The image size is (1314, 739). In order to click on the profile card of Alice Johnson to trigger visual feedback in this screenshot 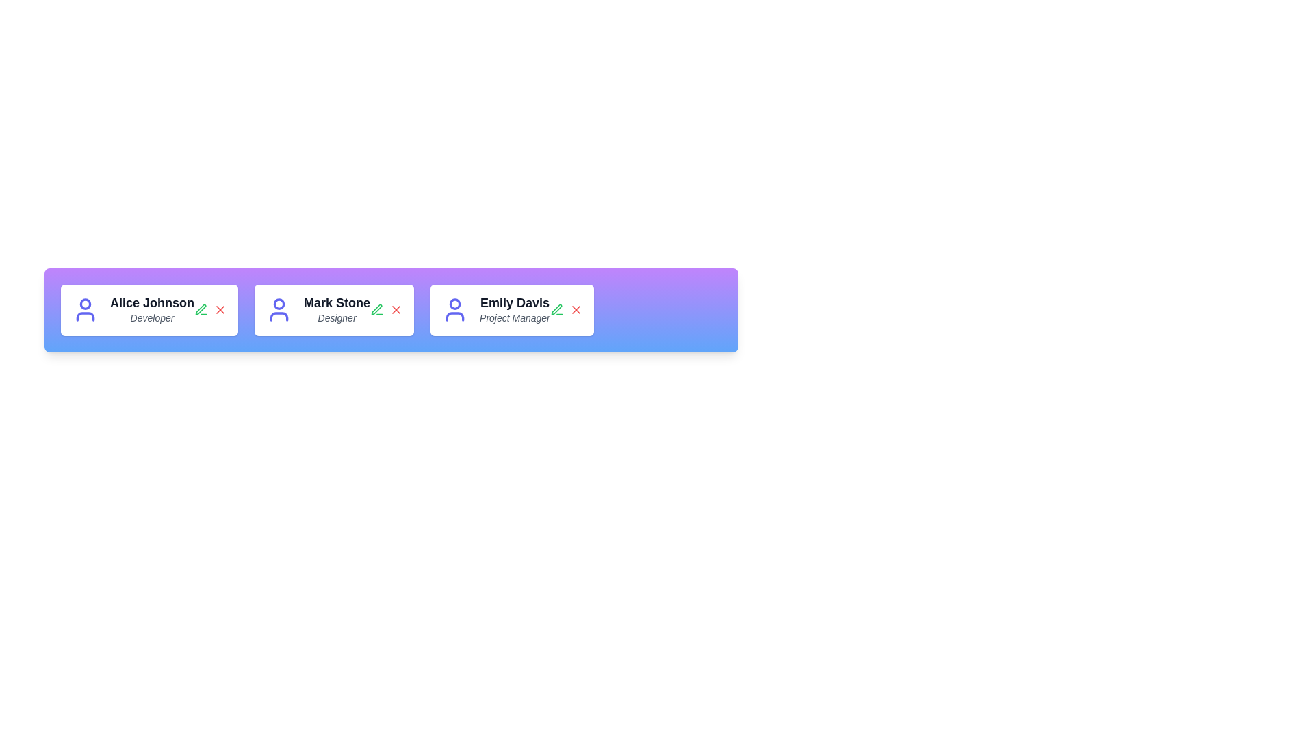, I will do `click(149, 309)`.